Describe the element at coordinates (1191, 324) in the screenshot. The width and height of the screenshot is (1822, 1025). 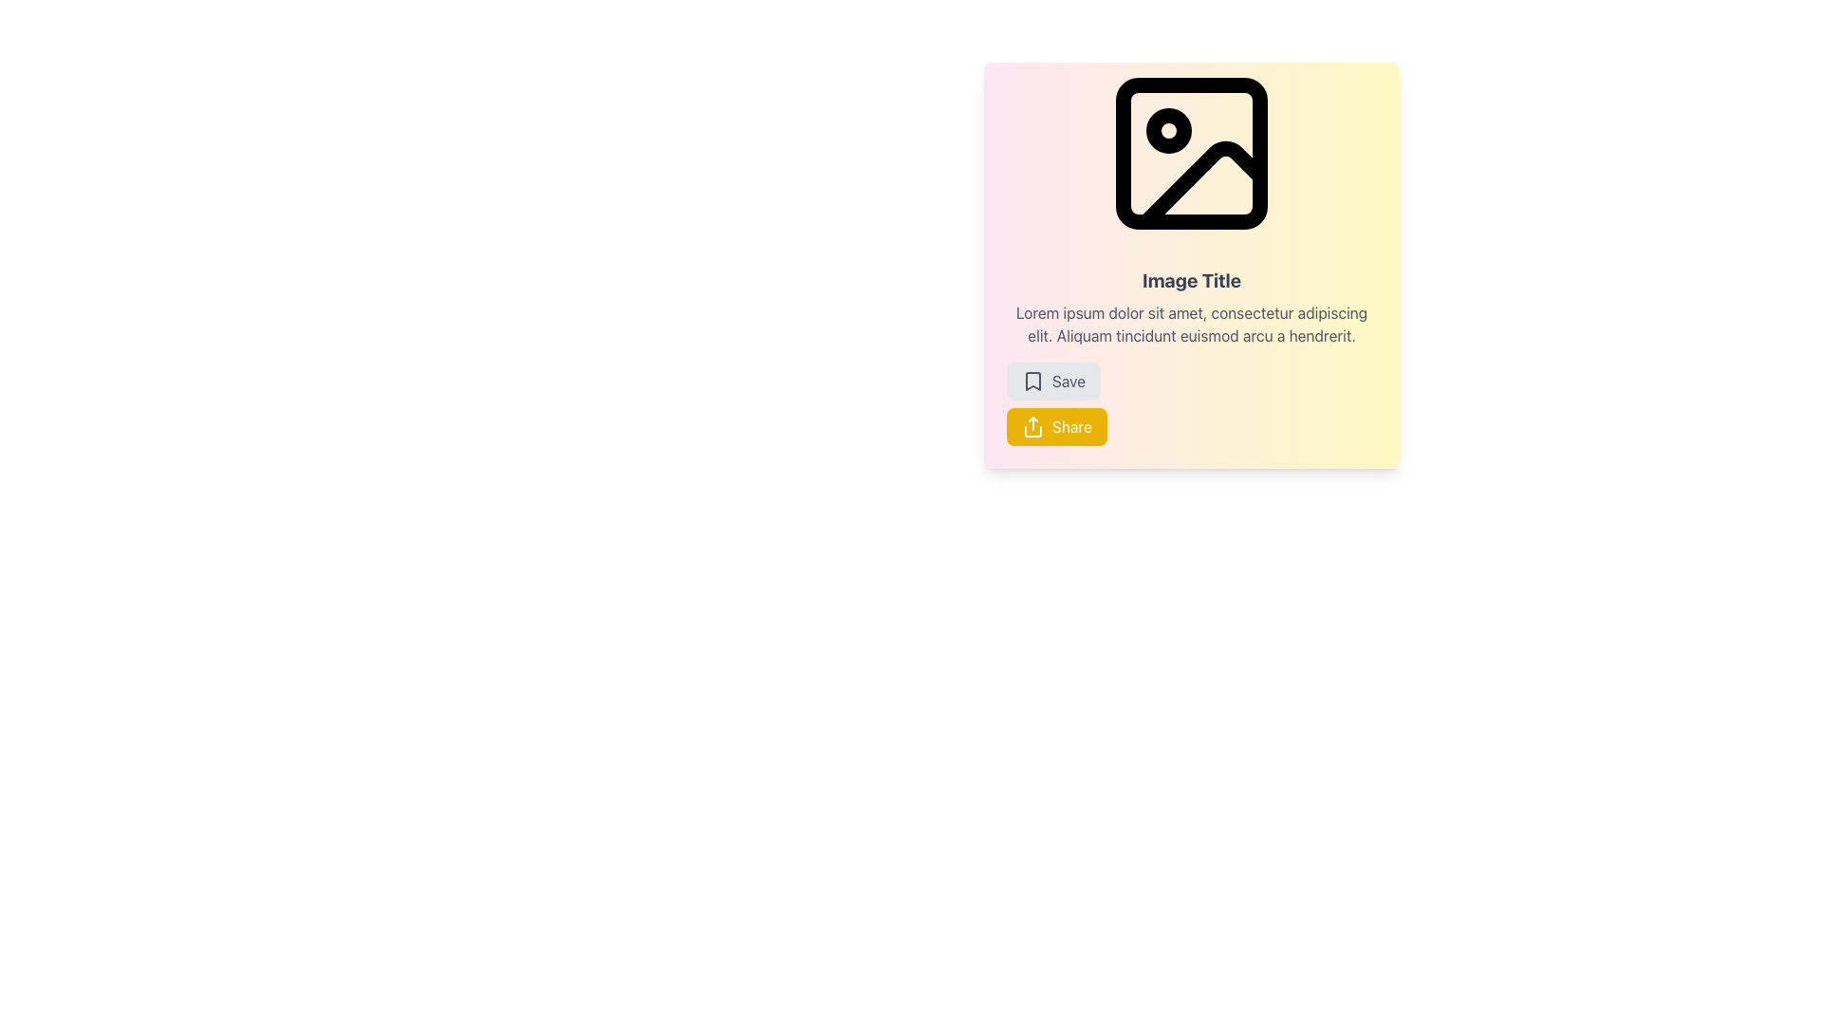
I see `the multiline textual content area styled in gray, located beneath the title of the card, and above the action buttons` at that location.